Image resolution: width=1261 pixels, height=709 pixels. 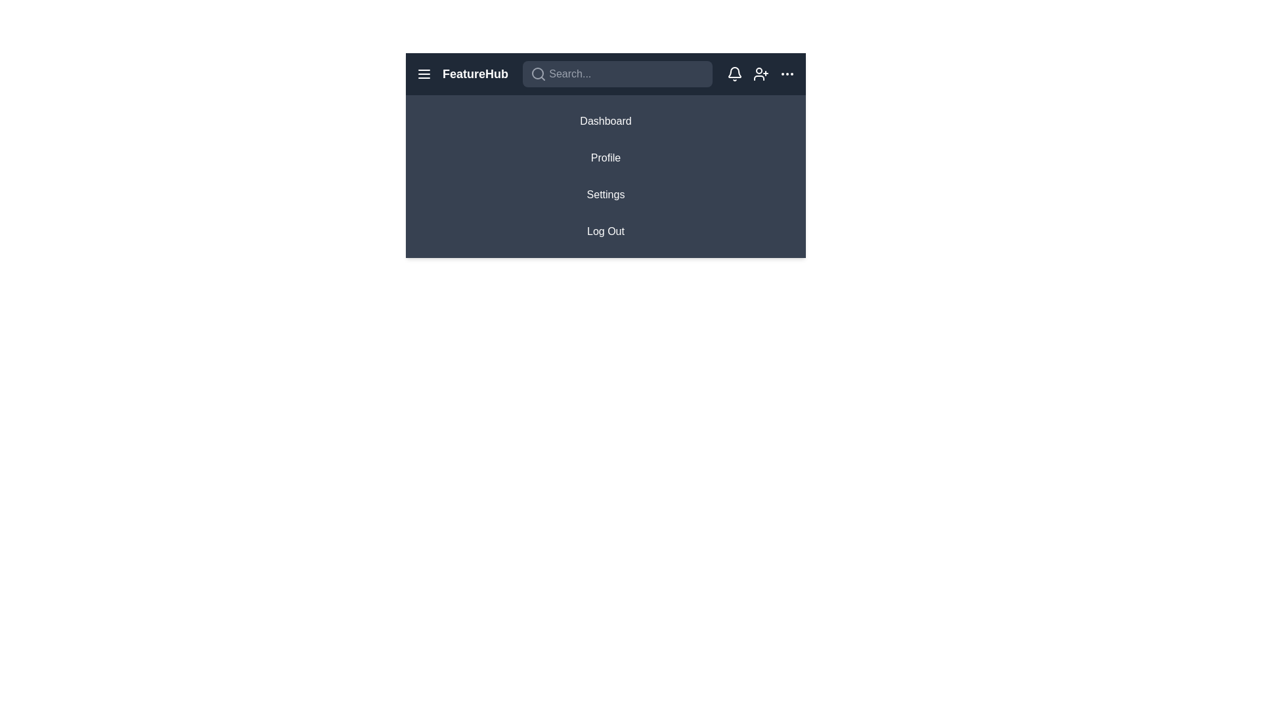 I want to click on the 'Settings' button, which is a rectangular button with a dark background and light font, located in the dropdown menu between the 'Profile' and 'Log Out' buttons, so click(x=605, y=195).